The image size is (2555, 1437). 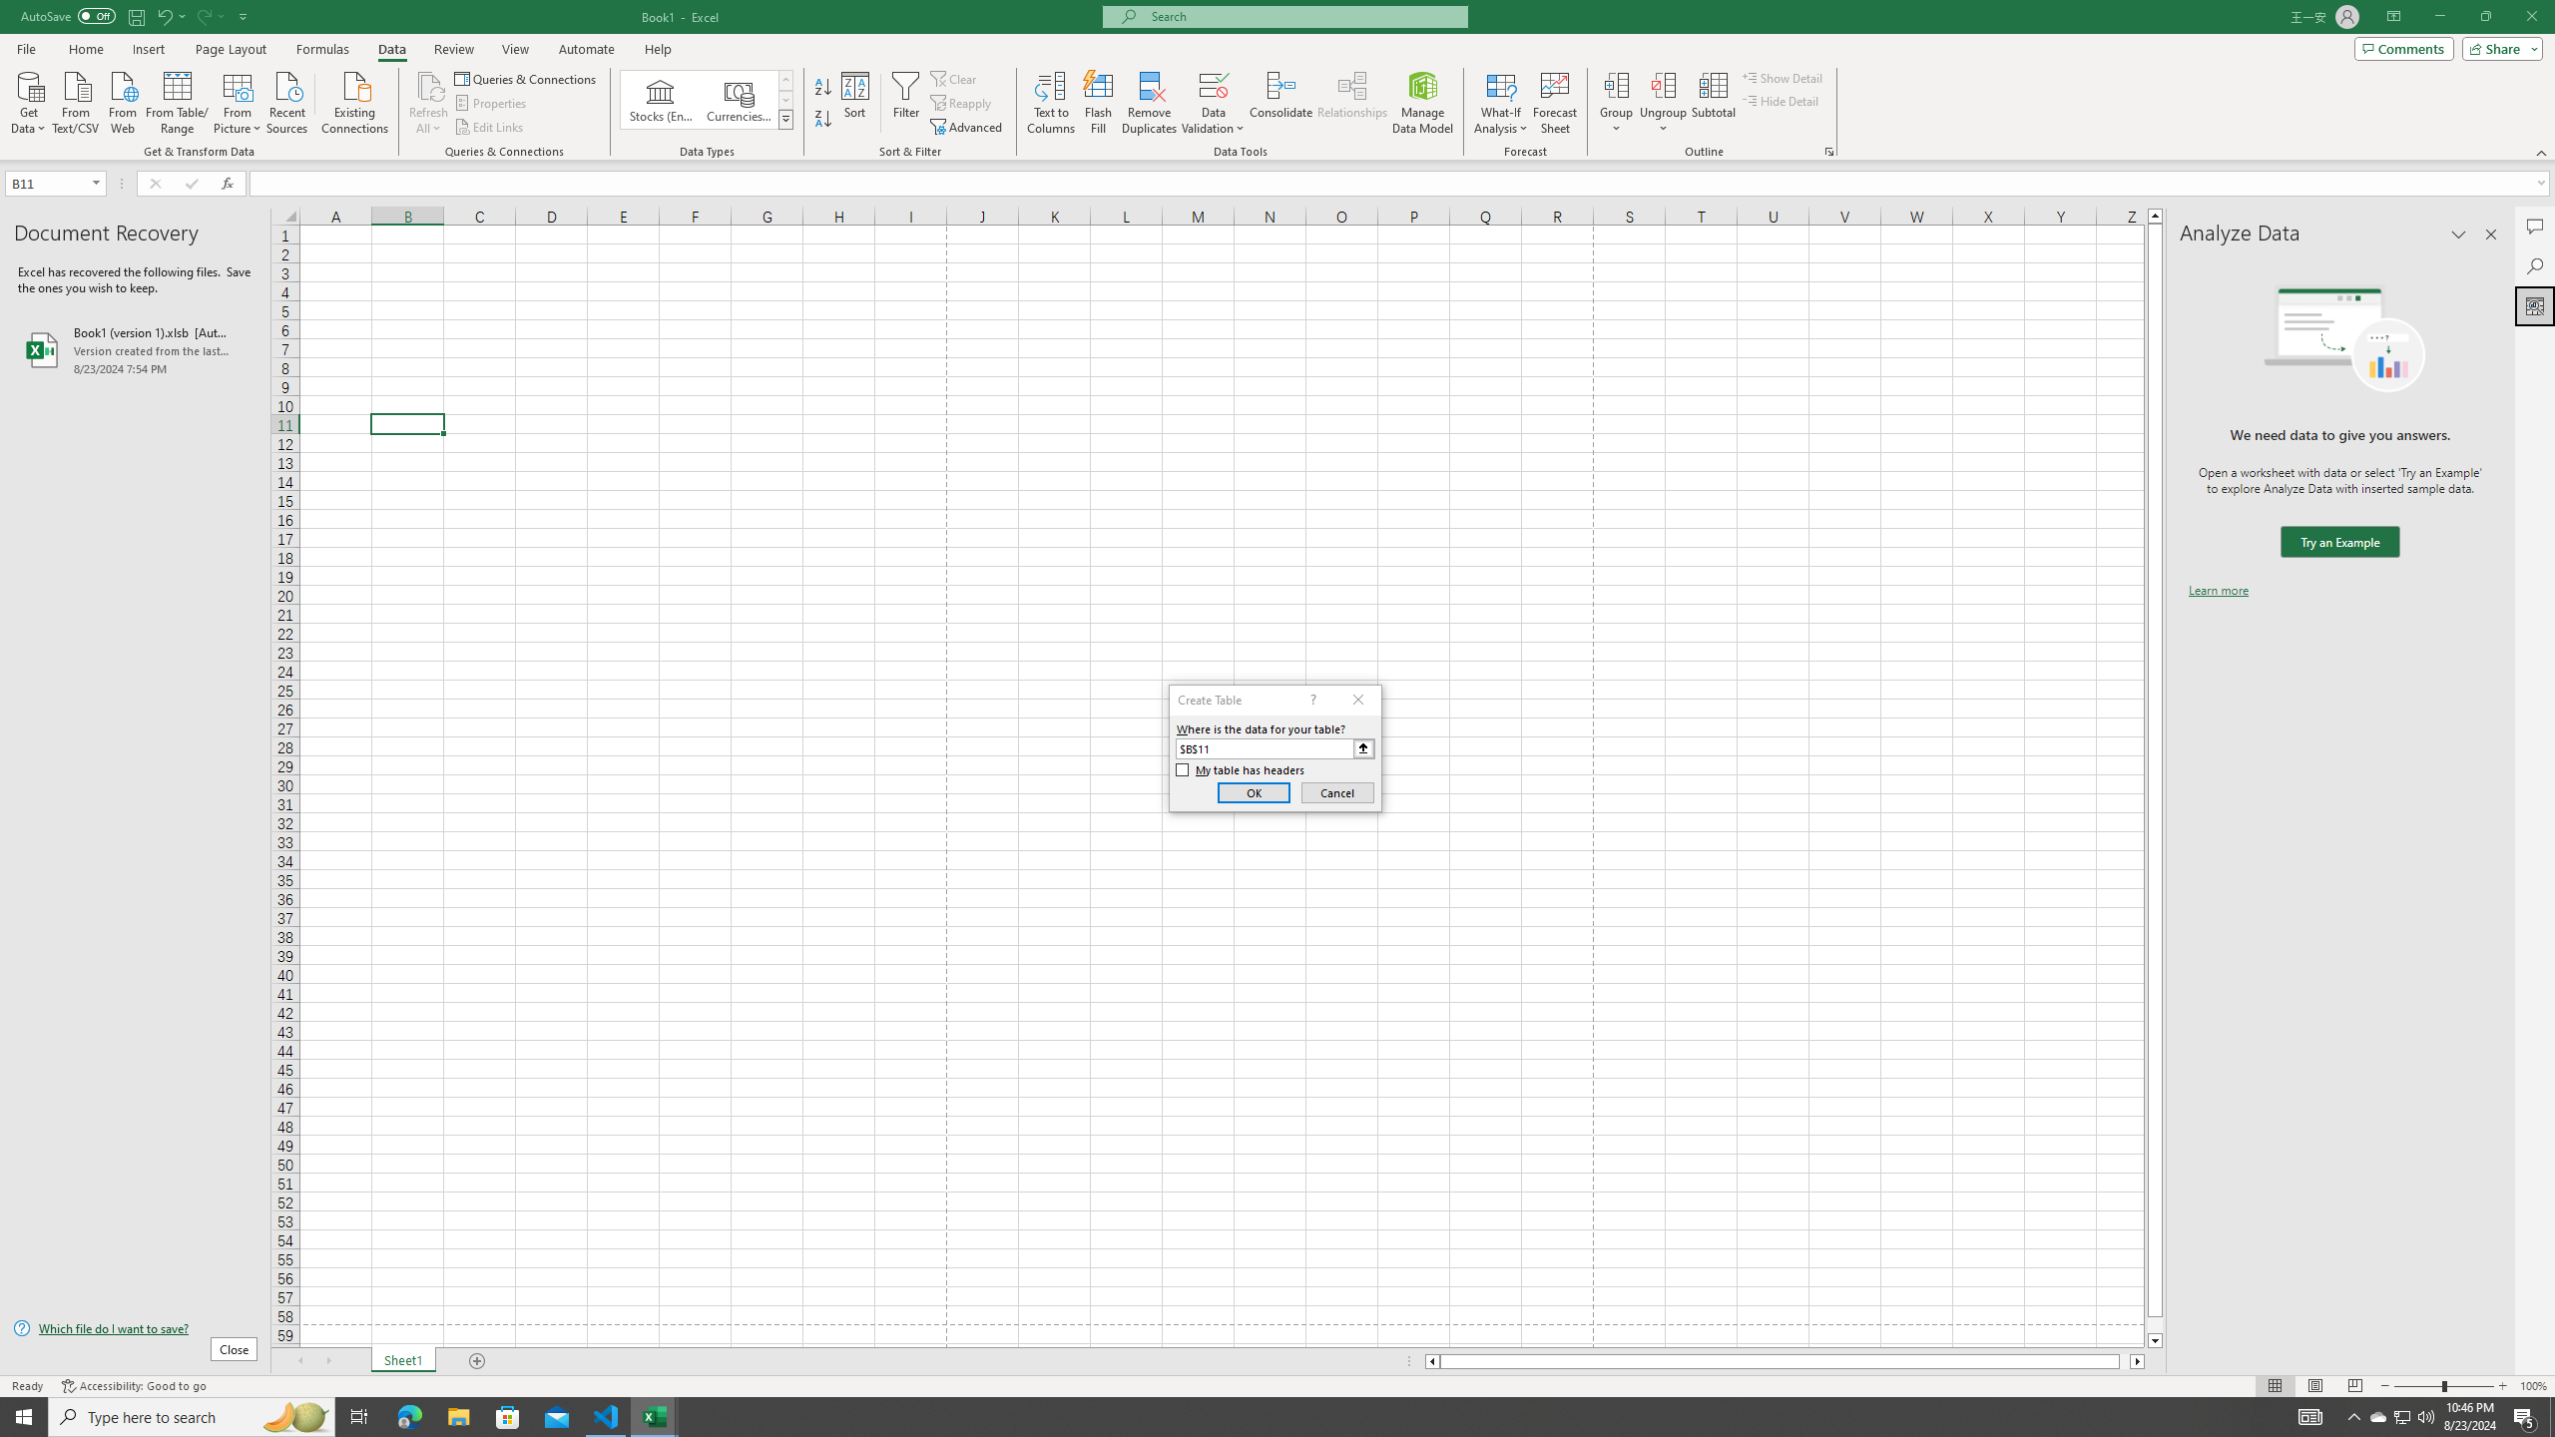 What do you see at coordinates (287, 100) in the screenshot?
I see `'Recent Sources'` at bounding box center [287, 100].